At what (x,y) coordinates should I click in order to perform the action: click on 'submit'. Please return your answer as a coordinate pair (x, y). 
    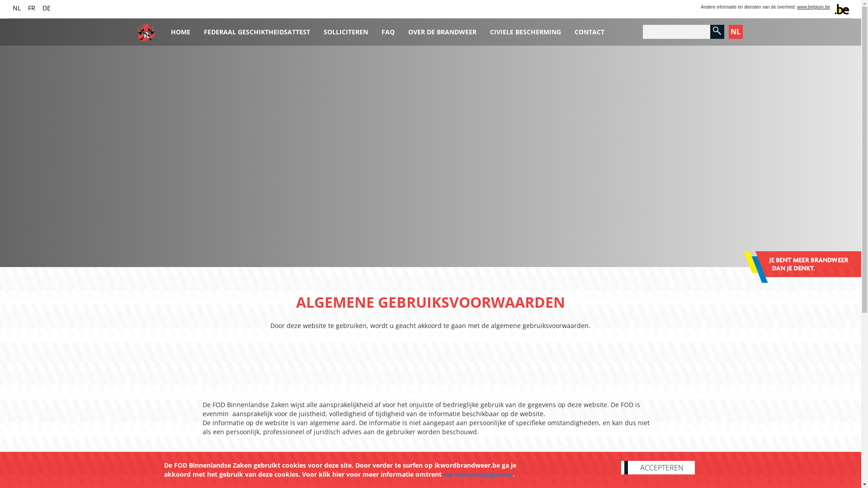
    Looking at the image, I should click on (716, 31).